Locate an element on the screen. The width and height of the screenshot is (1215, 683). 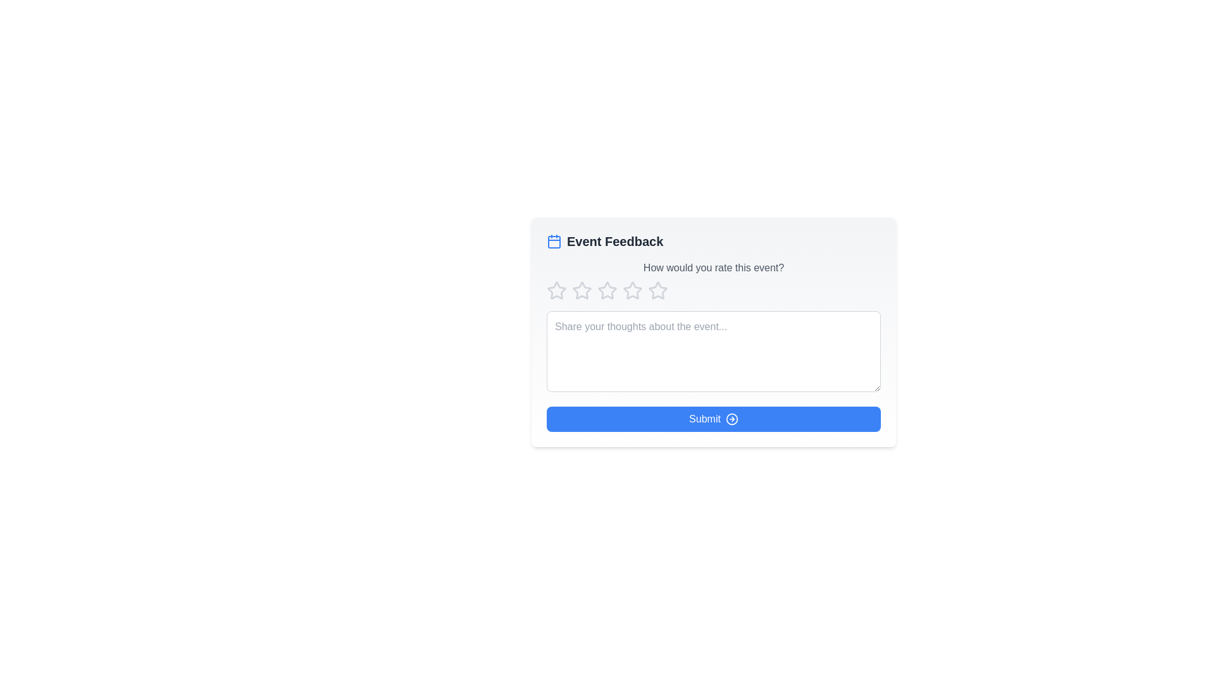
the fourth star-shaped SVG icon in the rating system, which has a hollow center and a grayscale outline, located below the 'How would you rate this event?' label is located at coordinates (658, 290).